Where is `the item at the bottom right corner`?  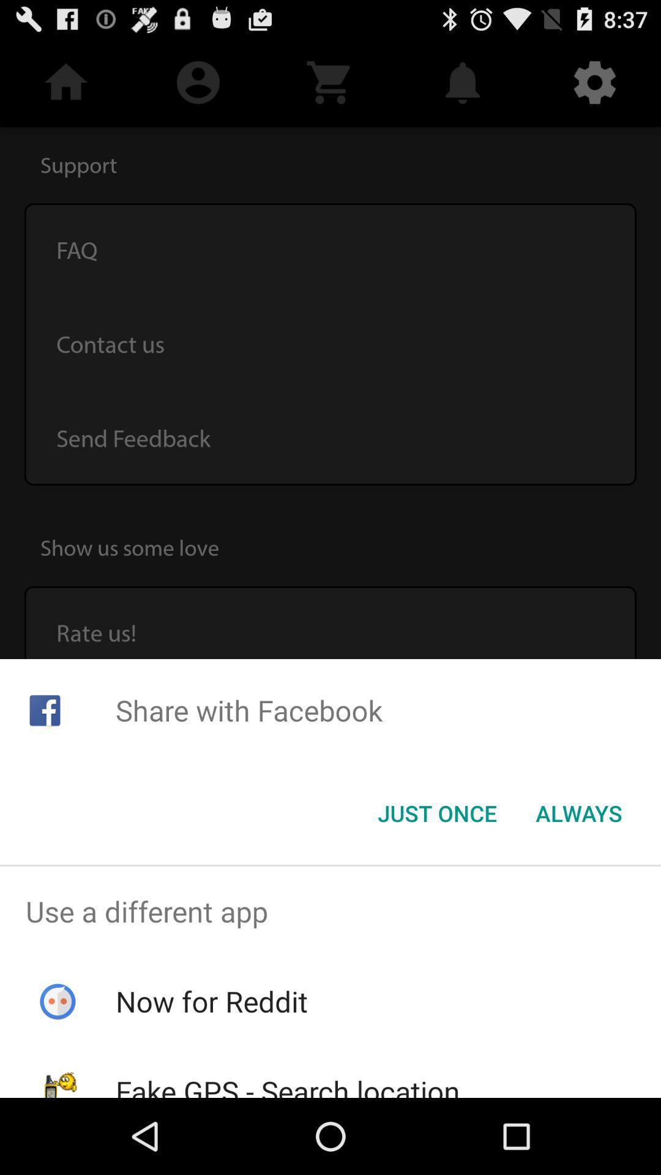
the item at the bottom right corner is located at coordinates (578, 813).